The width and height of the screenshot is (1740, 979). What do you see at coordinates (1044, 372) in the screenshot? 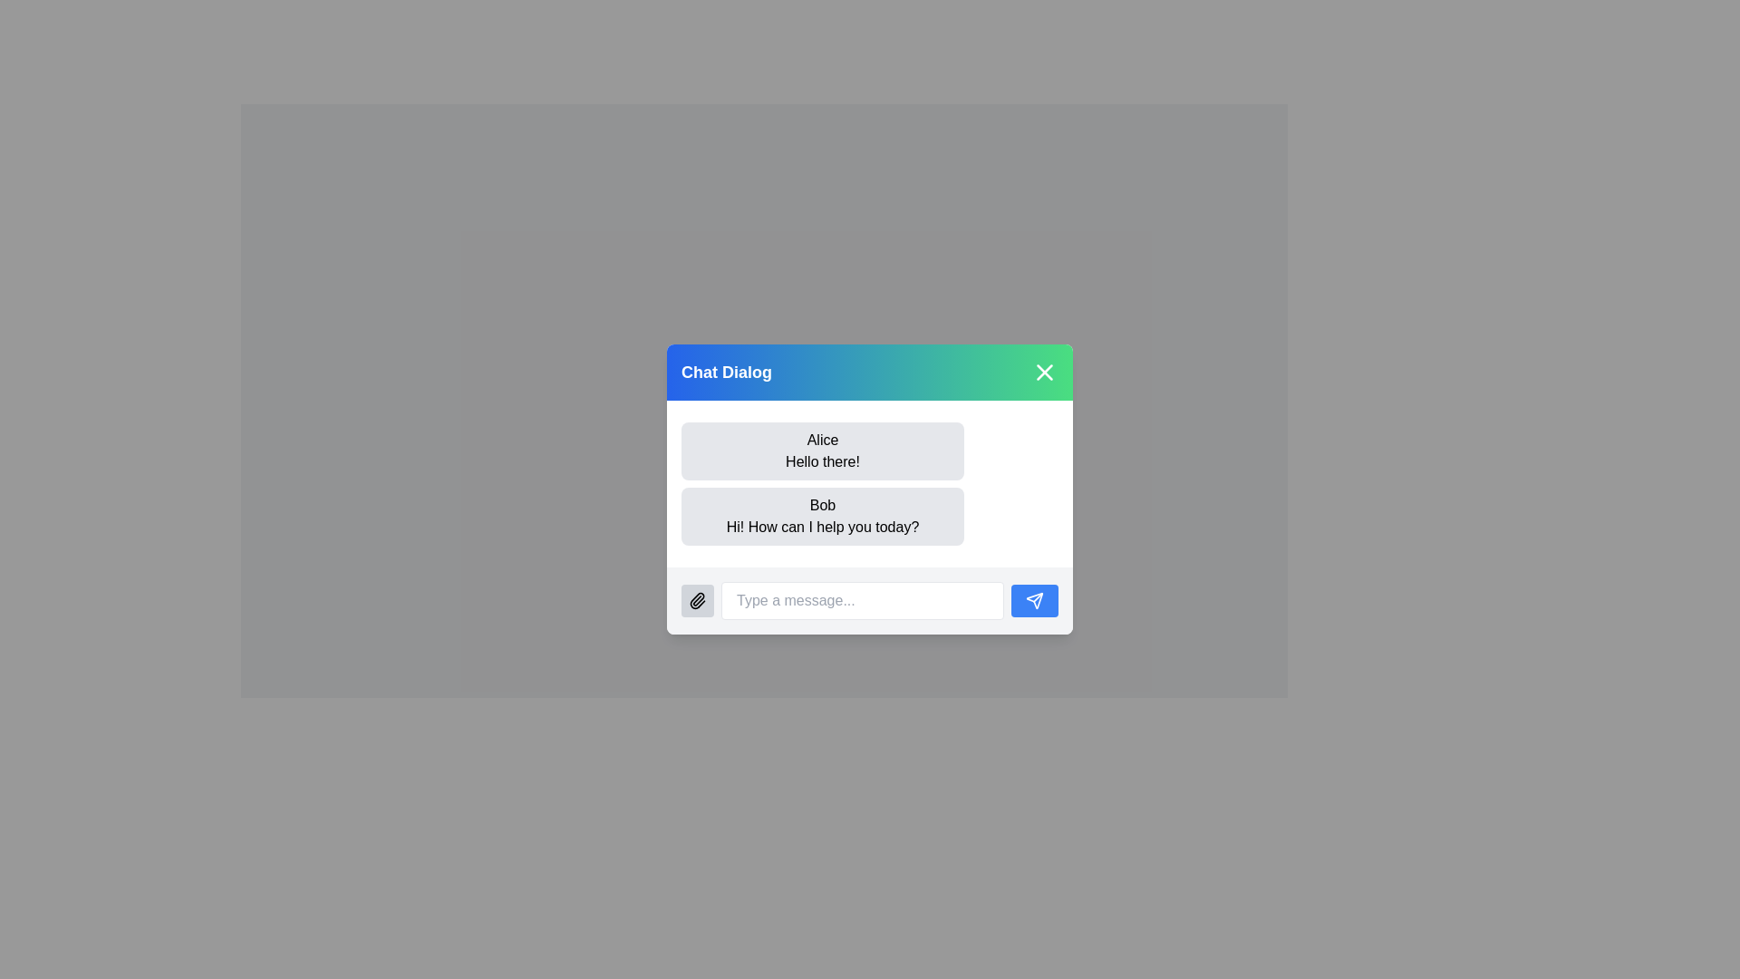
I see `the Close Icon button located in the top-right corner of the chat dialog` at bounding box center [1044, 372].